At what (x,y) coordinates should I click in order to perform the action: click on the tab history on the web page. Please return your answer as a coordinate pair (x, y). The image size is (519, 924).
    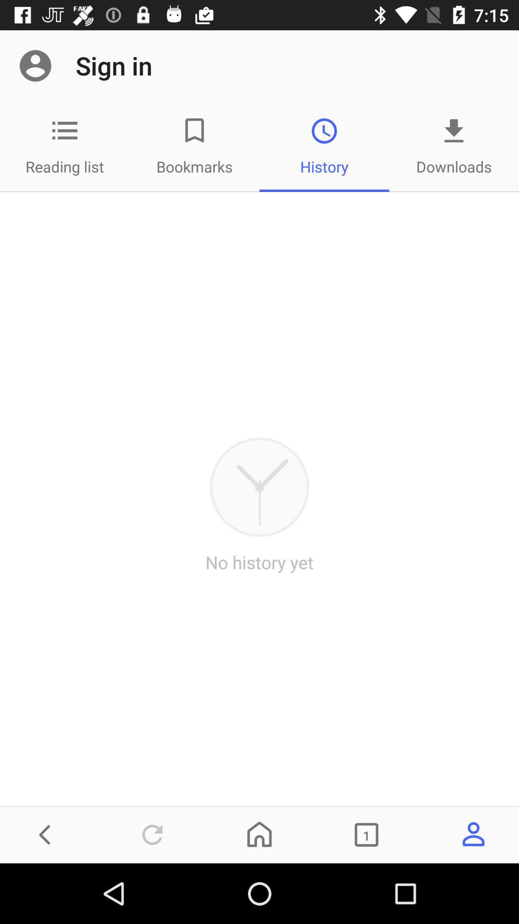
    Looking at the image, I should click on (324, 146).